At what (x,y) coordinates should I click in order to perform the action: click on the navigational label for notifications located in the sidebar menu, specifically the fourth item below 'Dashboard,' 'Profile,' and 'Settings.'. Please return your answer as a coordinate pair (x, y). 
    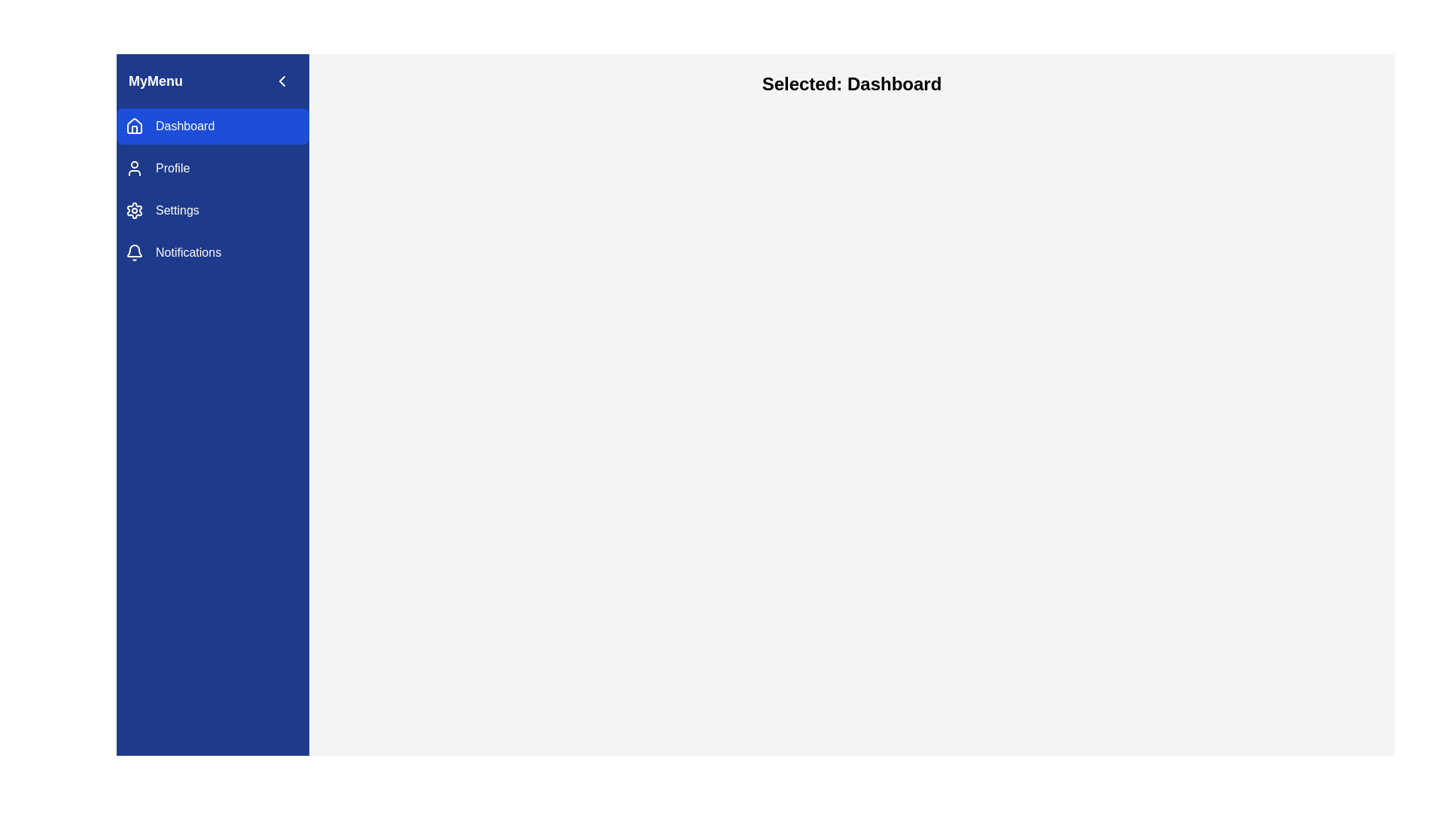
    Looking at the image, I should click on (187, 251).